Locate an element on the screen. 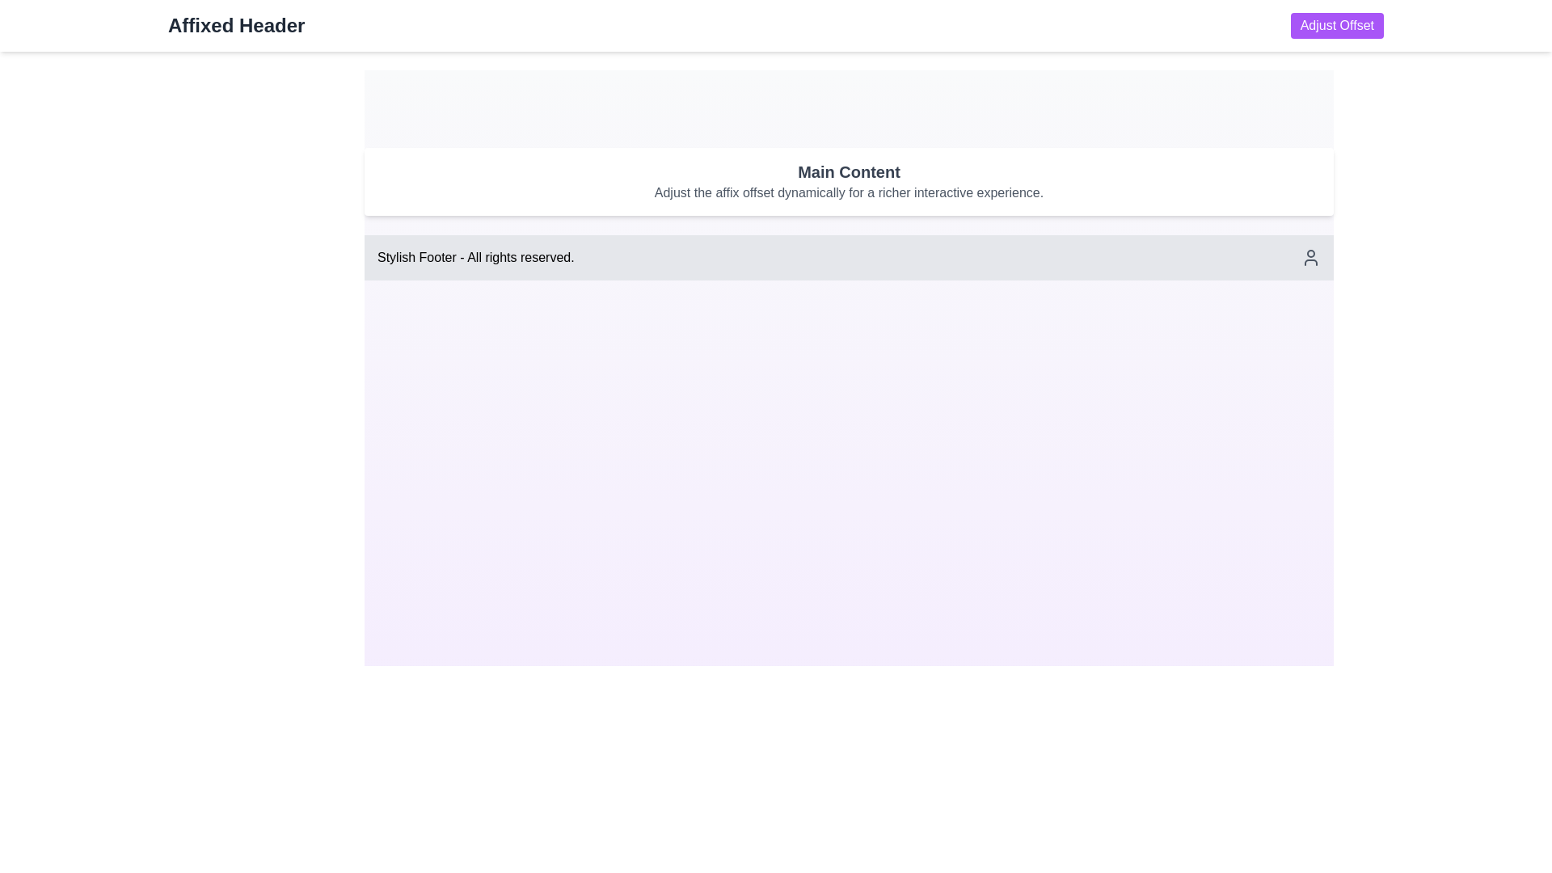  the user profile icon located at the far-right end of the footer is located at coordinates (1311, 257).